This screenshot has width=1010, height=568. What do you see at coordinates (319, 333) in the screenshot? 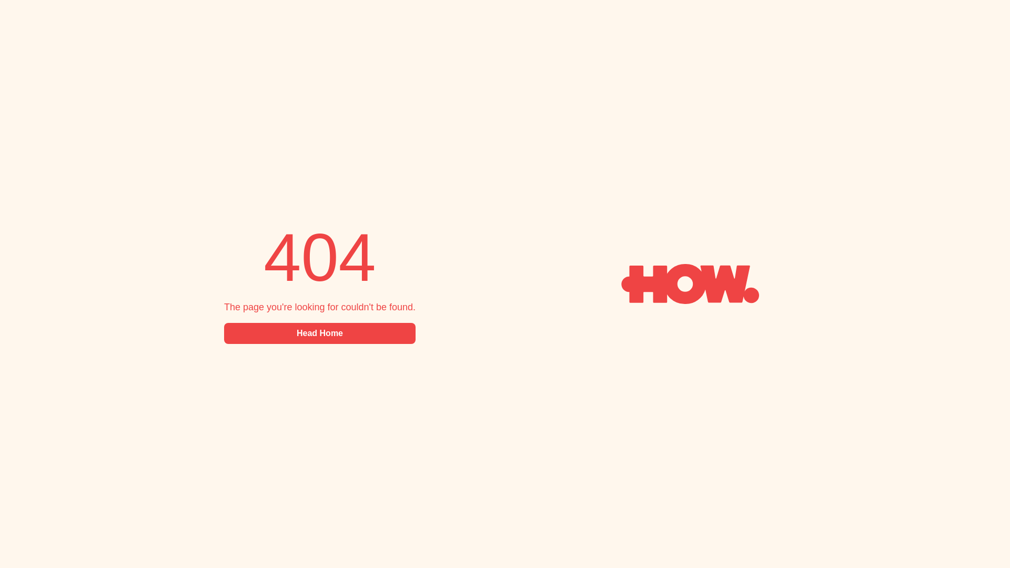
I see `'Head Home'` at bounding box center [319, 333].